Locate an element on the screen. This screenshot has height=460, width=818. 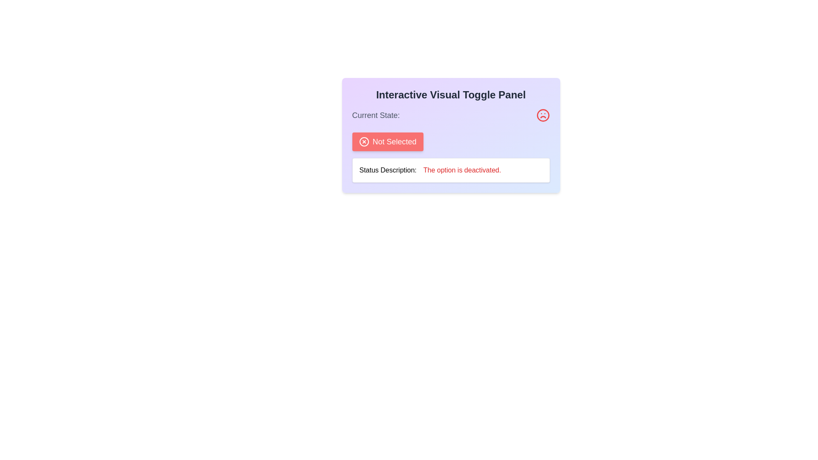
the 'Not Selected' button in the status panel is located at coordinates (450, 135).